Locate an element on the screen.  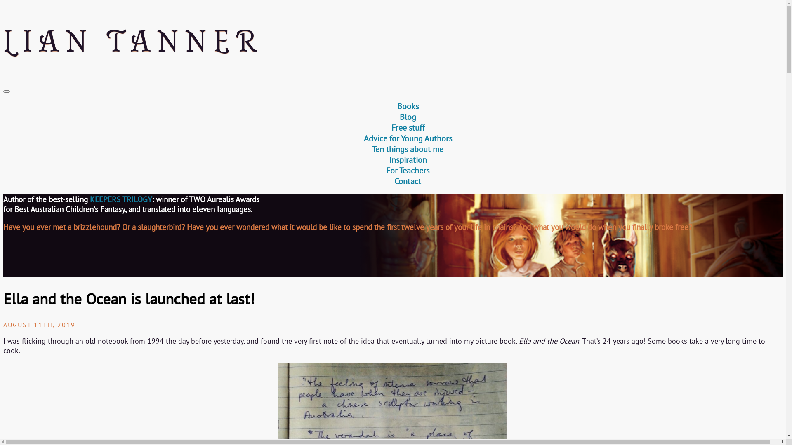
'For Teachers' is located at coordinates (408, 170).